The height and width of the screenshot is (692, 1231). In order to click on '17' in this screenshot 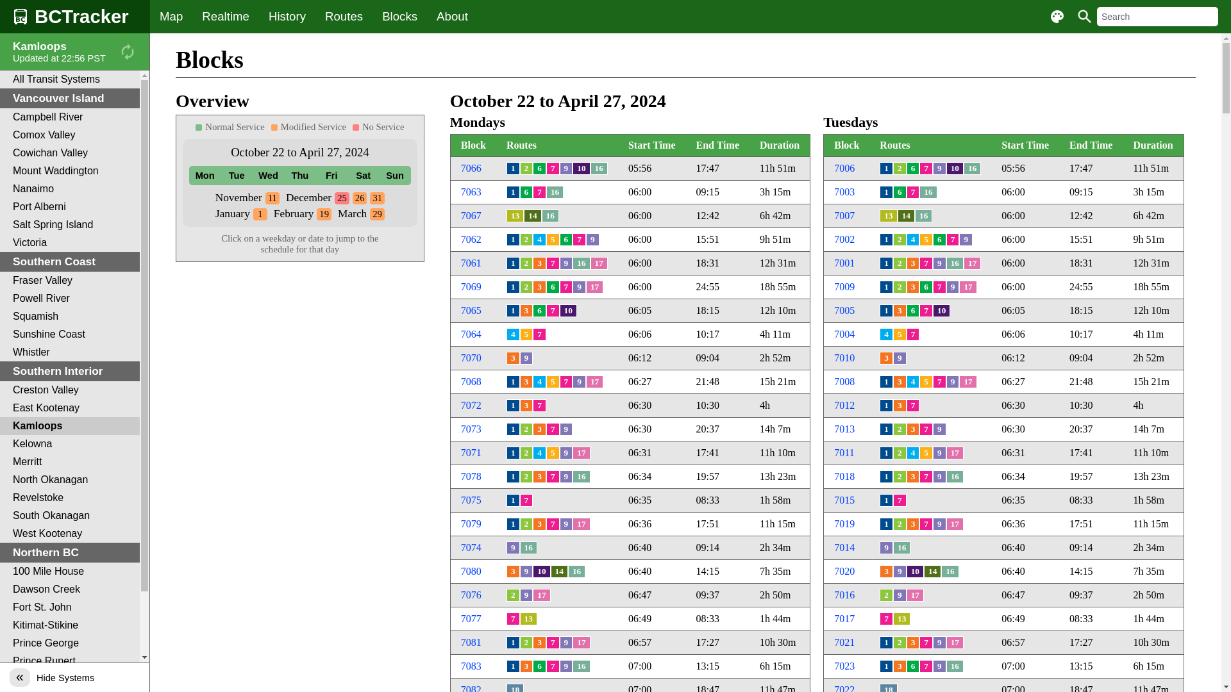, I will do `click(955, 642)`.